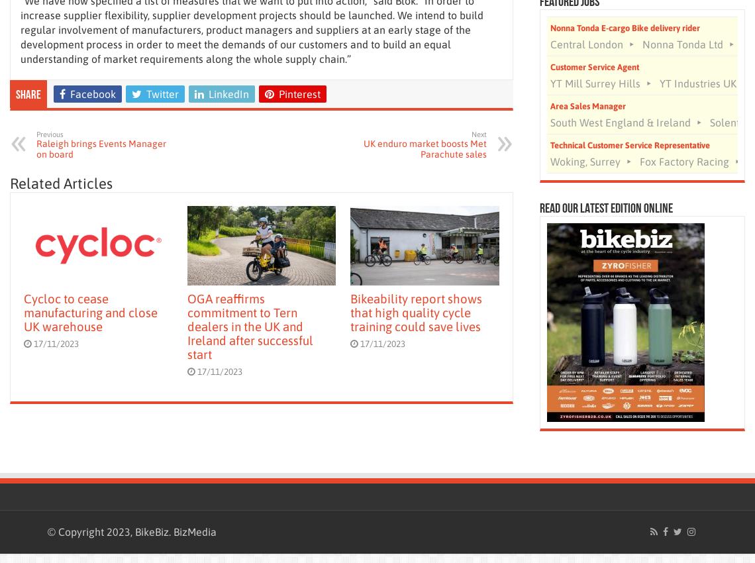 This screenshot has height=563, width=755. What do you see at coordinates (595, 82) in the screenshot?
I see `'YT Mill Surrey Hills'` at bounding box center [595, 82].